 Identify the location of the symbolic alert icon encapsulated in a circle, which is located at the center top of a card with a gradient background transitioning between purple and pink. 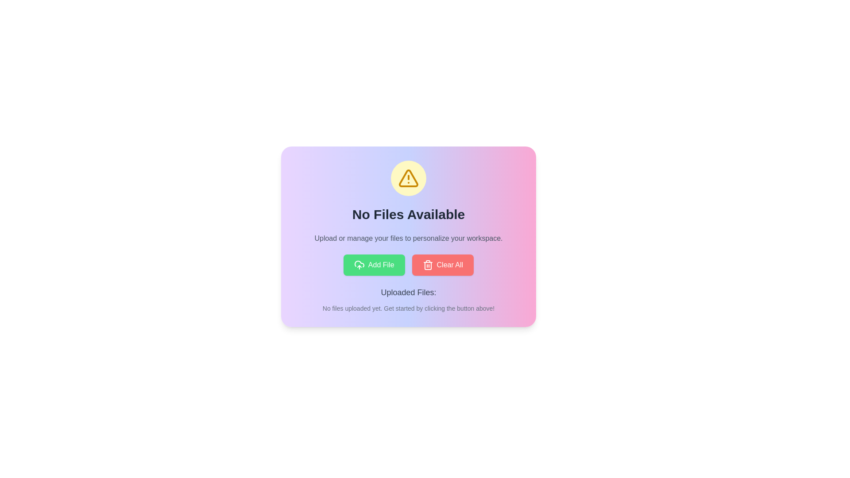
(408, 178).